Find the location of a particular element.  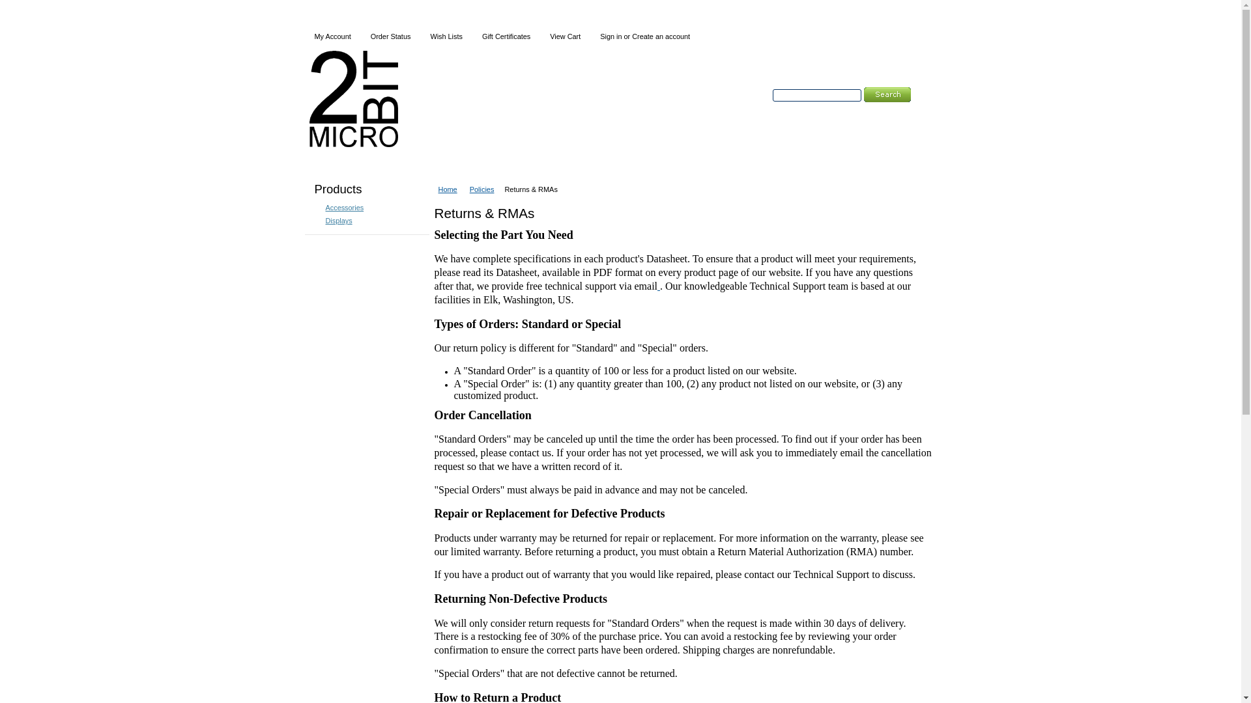

'Wish Lists' is located at coordinates (446, 36).